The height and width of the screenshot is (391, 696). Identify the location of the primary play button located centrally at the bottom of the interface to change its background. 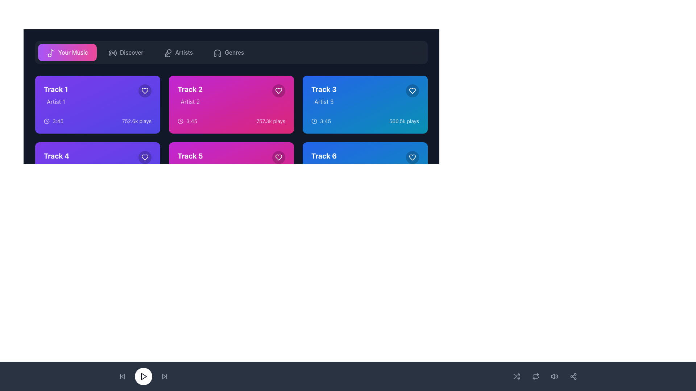
(143, 376).